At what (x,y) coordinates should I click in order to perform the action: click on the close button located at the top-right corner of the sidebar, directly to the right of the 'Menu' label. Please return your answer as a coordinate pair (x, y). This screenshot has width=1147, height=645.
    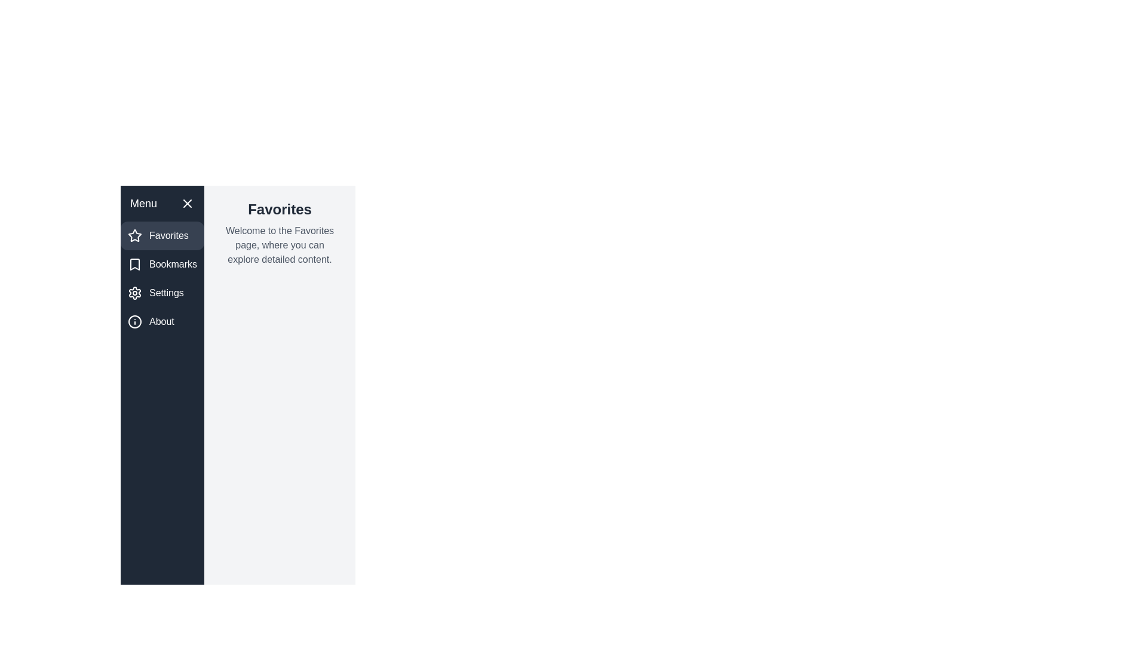
    Looking at the image, I should click on (187, 202).